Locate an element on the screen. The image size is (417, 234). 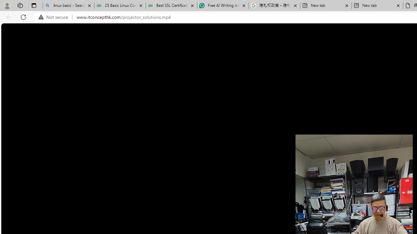
'linux basic - Search' is located at coordinates (68, 6).